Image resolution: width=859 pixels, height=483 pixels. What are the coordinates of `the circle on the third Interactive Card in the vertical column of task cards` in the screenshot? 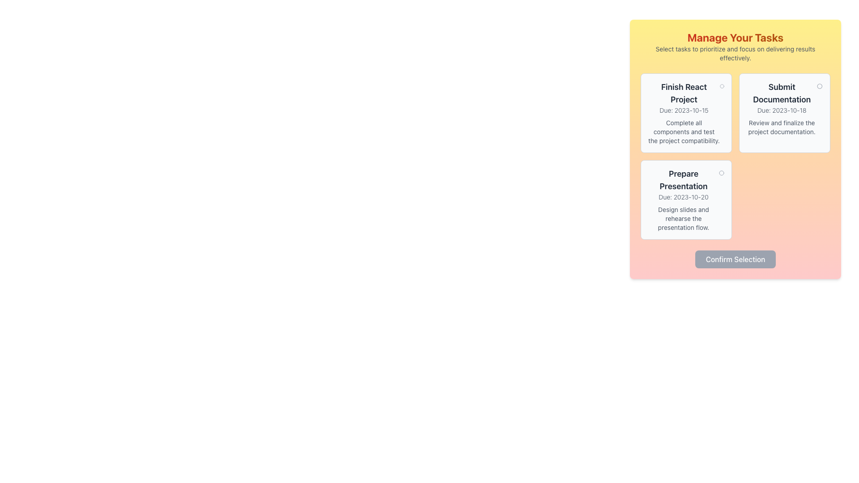 It's located at (686, 199).